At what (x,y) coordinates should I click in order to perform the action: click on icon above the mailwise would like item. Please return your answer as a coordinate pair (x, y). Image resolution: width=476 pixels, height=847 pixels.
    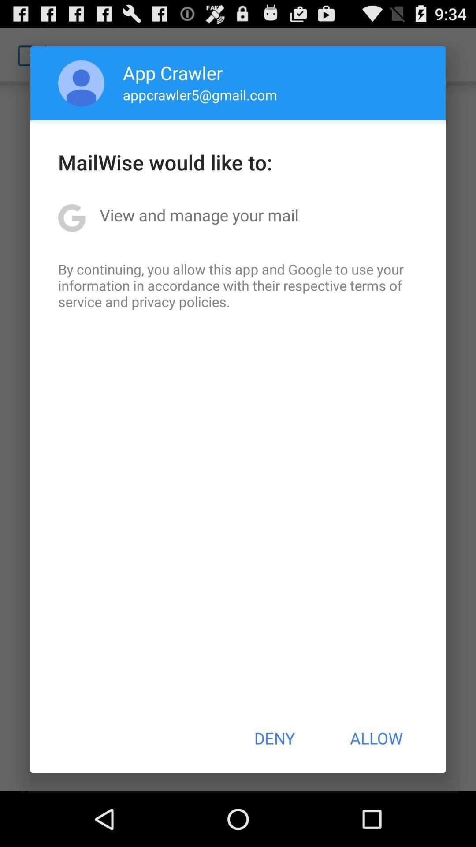
    Looking at the image, I should click on (81, 83).